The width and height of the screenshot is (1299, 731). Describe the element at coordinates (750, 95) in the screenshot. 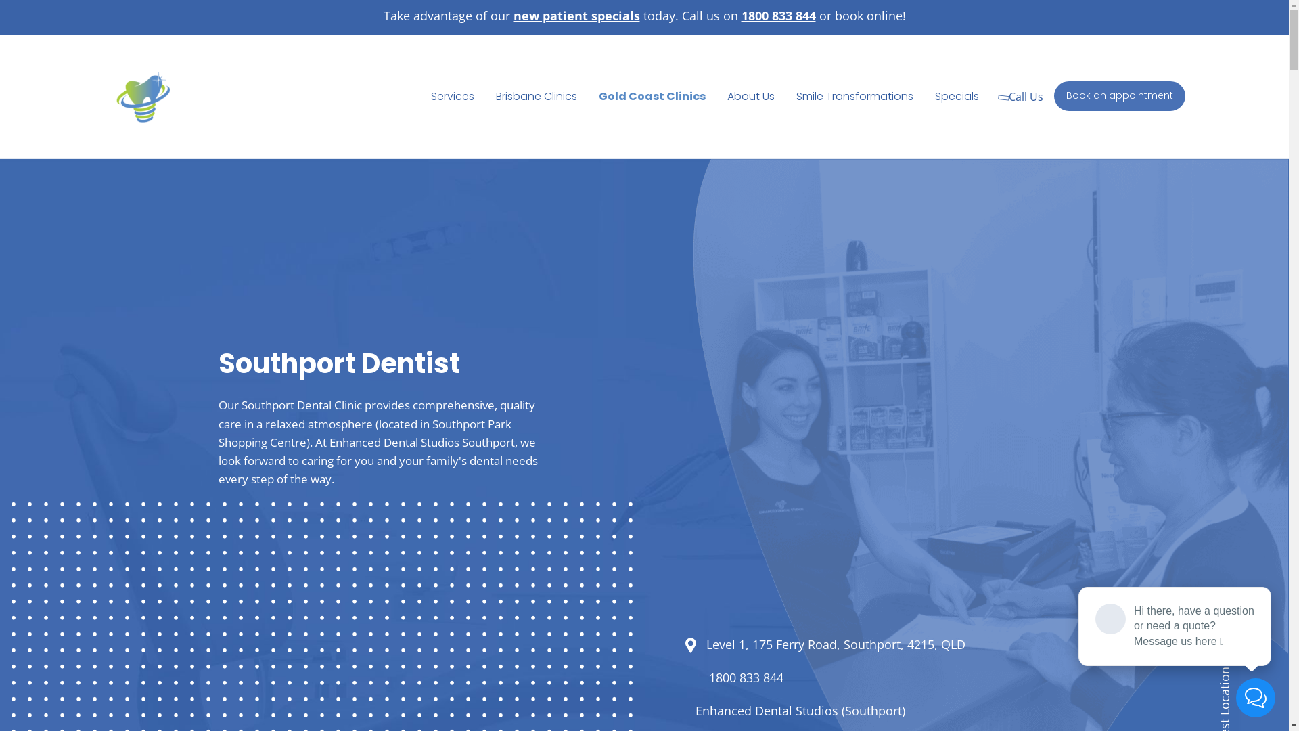

I see `'About Us'` at that location.